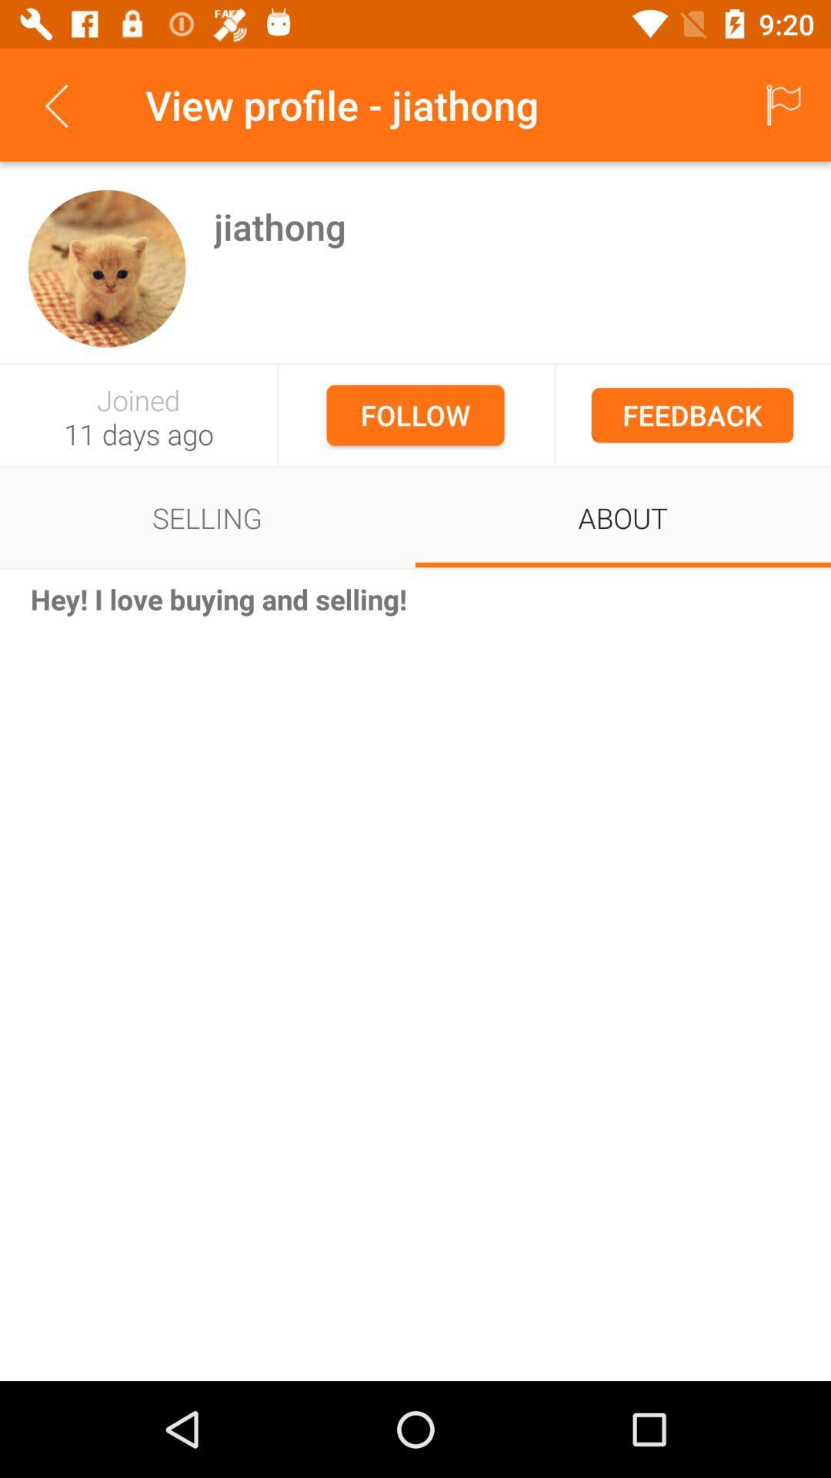 This screenshot has width=831, height=1478. Describe the element at coordinates (106, 269) in the screenshot. I see `image to be descriptive on left` at that location.